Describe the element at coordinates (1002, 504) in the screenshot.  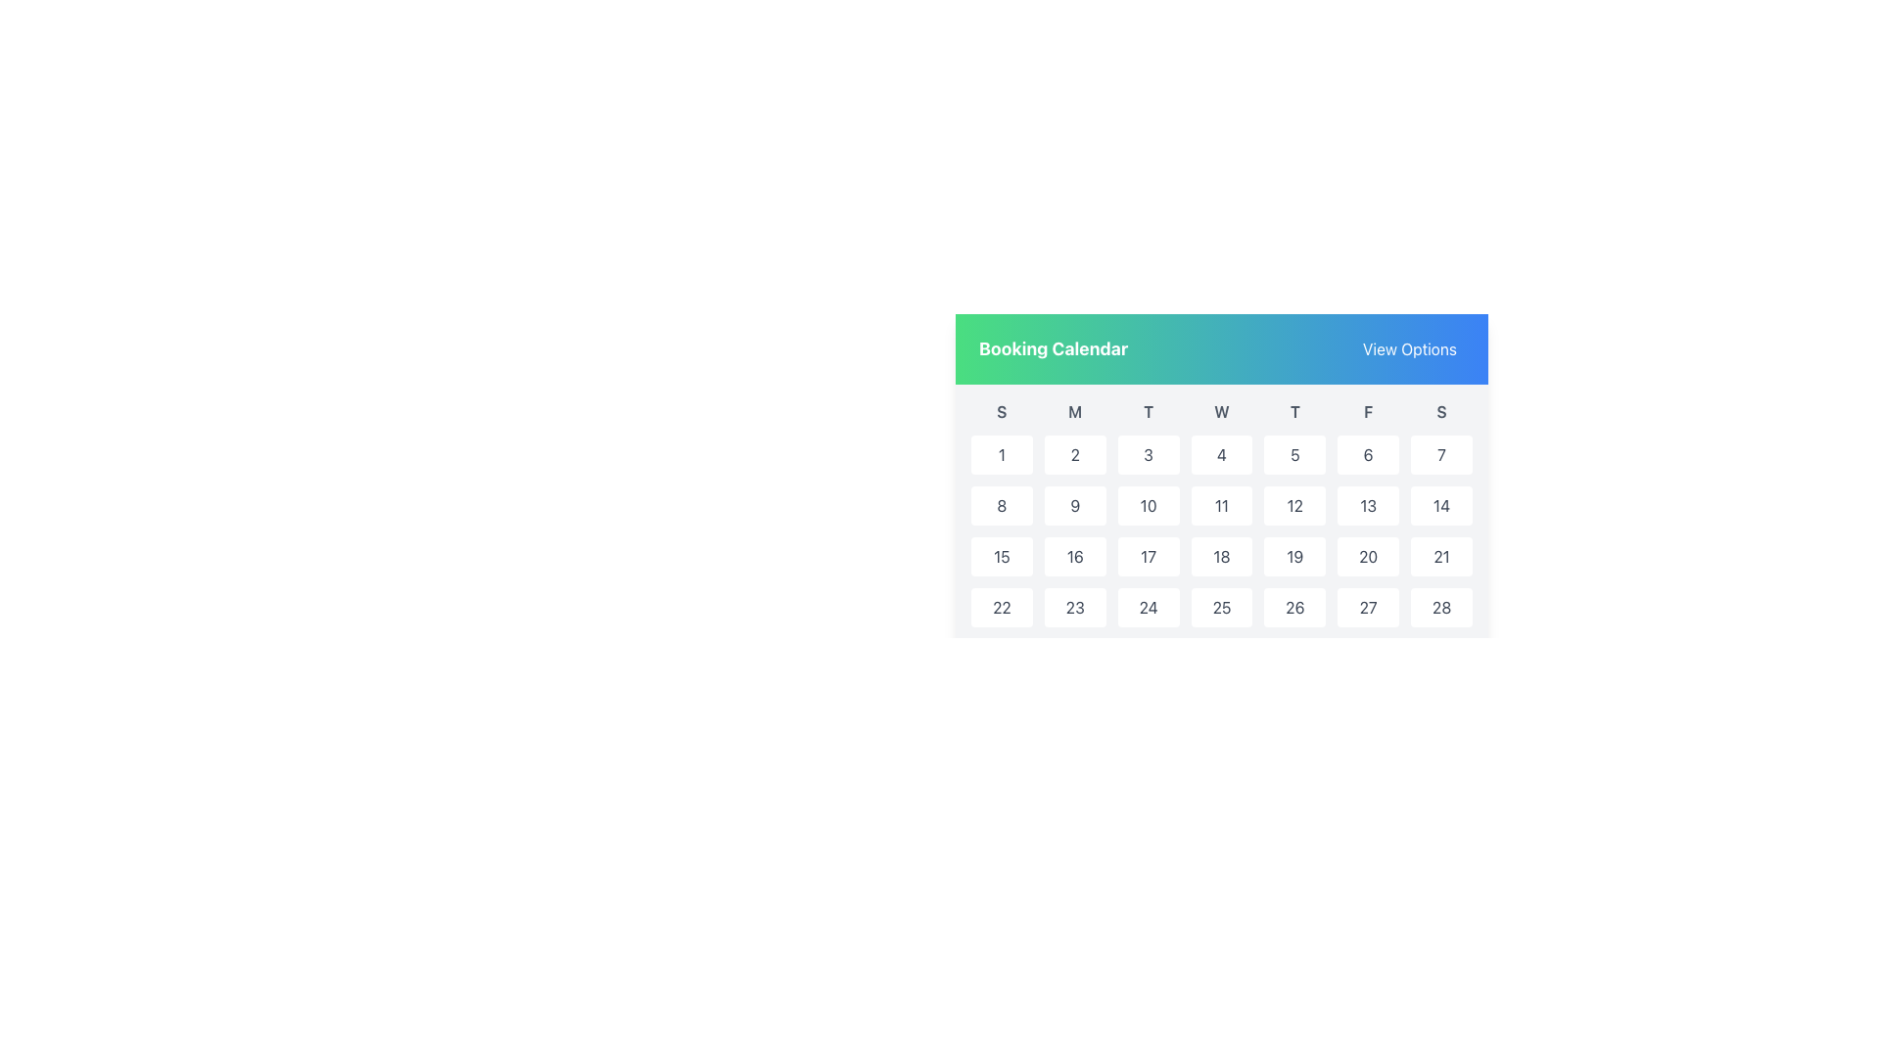
I see `the Calendar Cell displaying the number '8' in the second row and first column of the Booking Calendar` at that location.